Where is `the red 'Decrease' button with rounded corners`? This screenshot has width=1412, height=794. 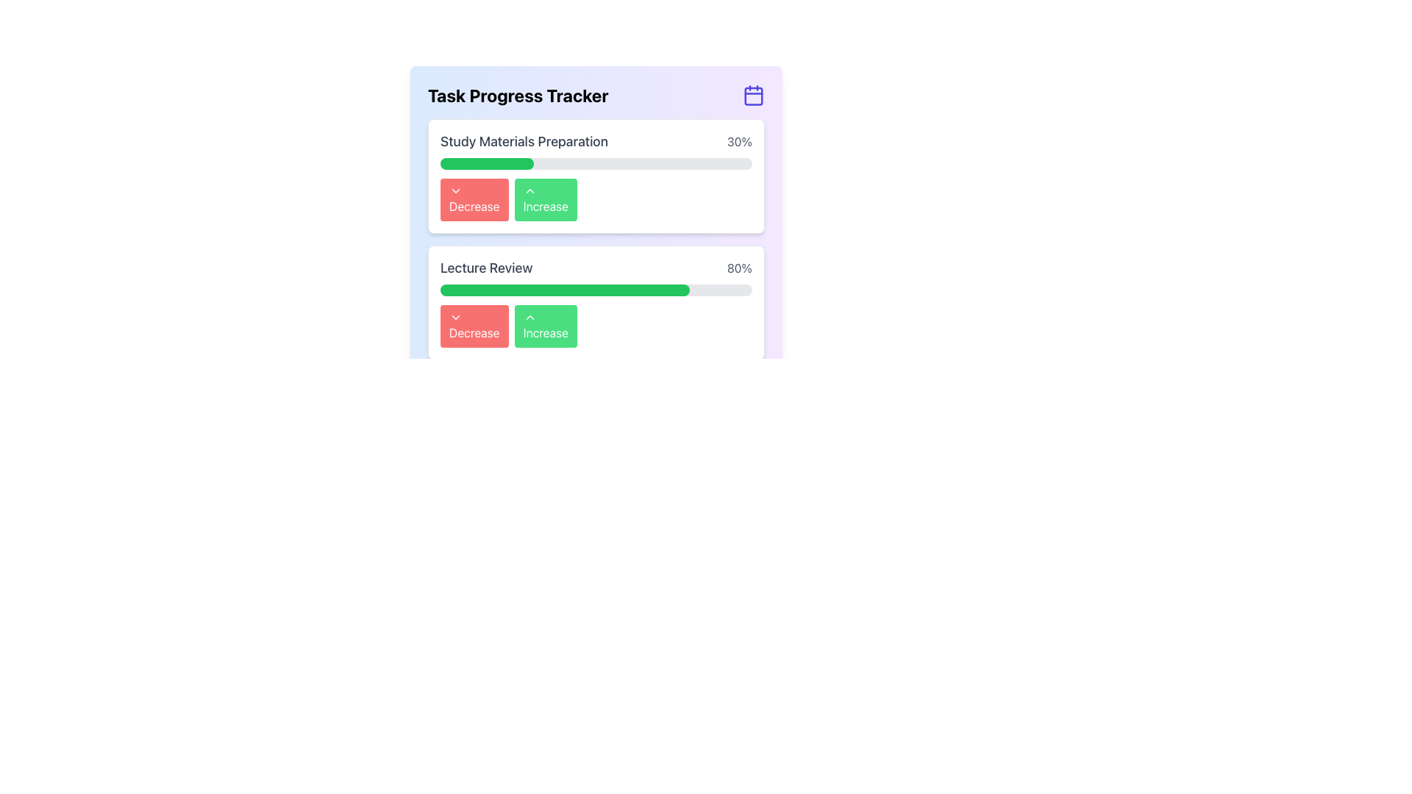
the red 'Decrease' button with rounded corners is located at coordinates (474, 325).